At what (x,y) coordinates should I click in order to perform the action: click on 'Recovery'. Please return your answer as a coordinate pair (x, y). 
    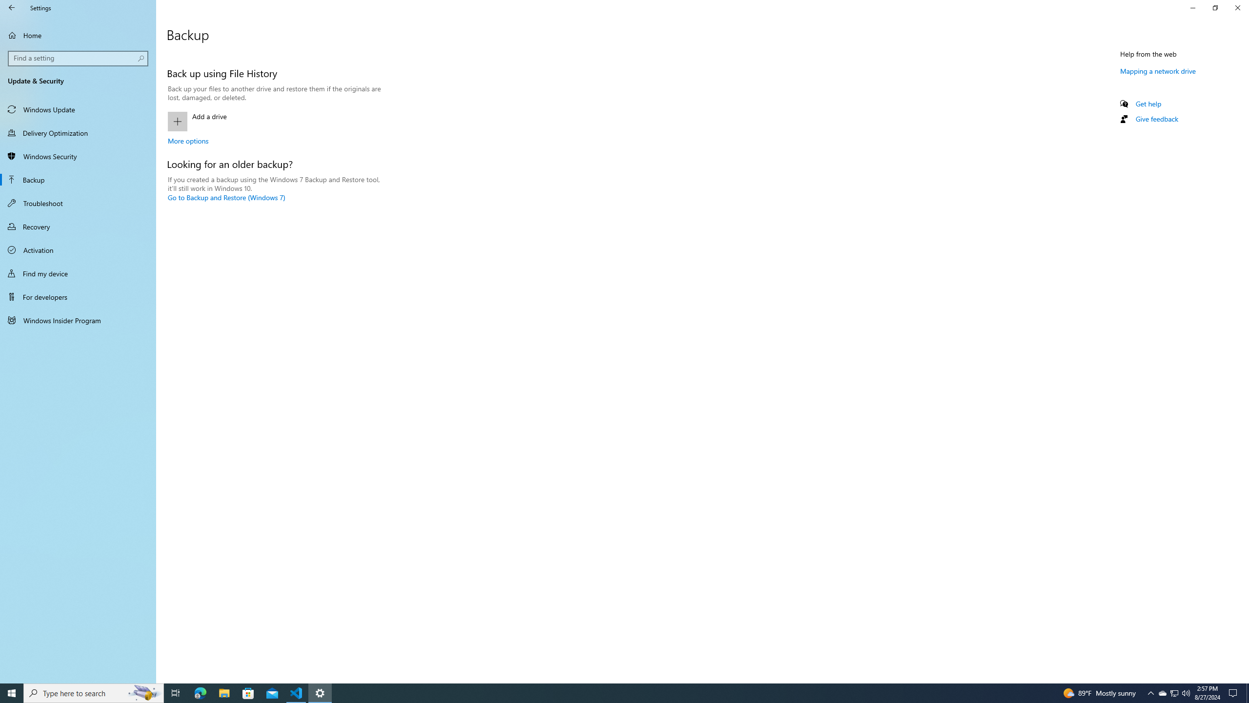
    Looking at the image, I should click on (78, 226).